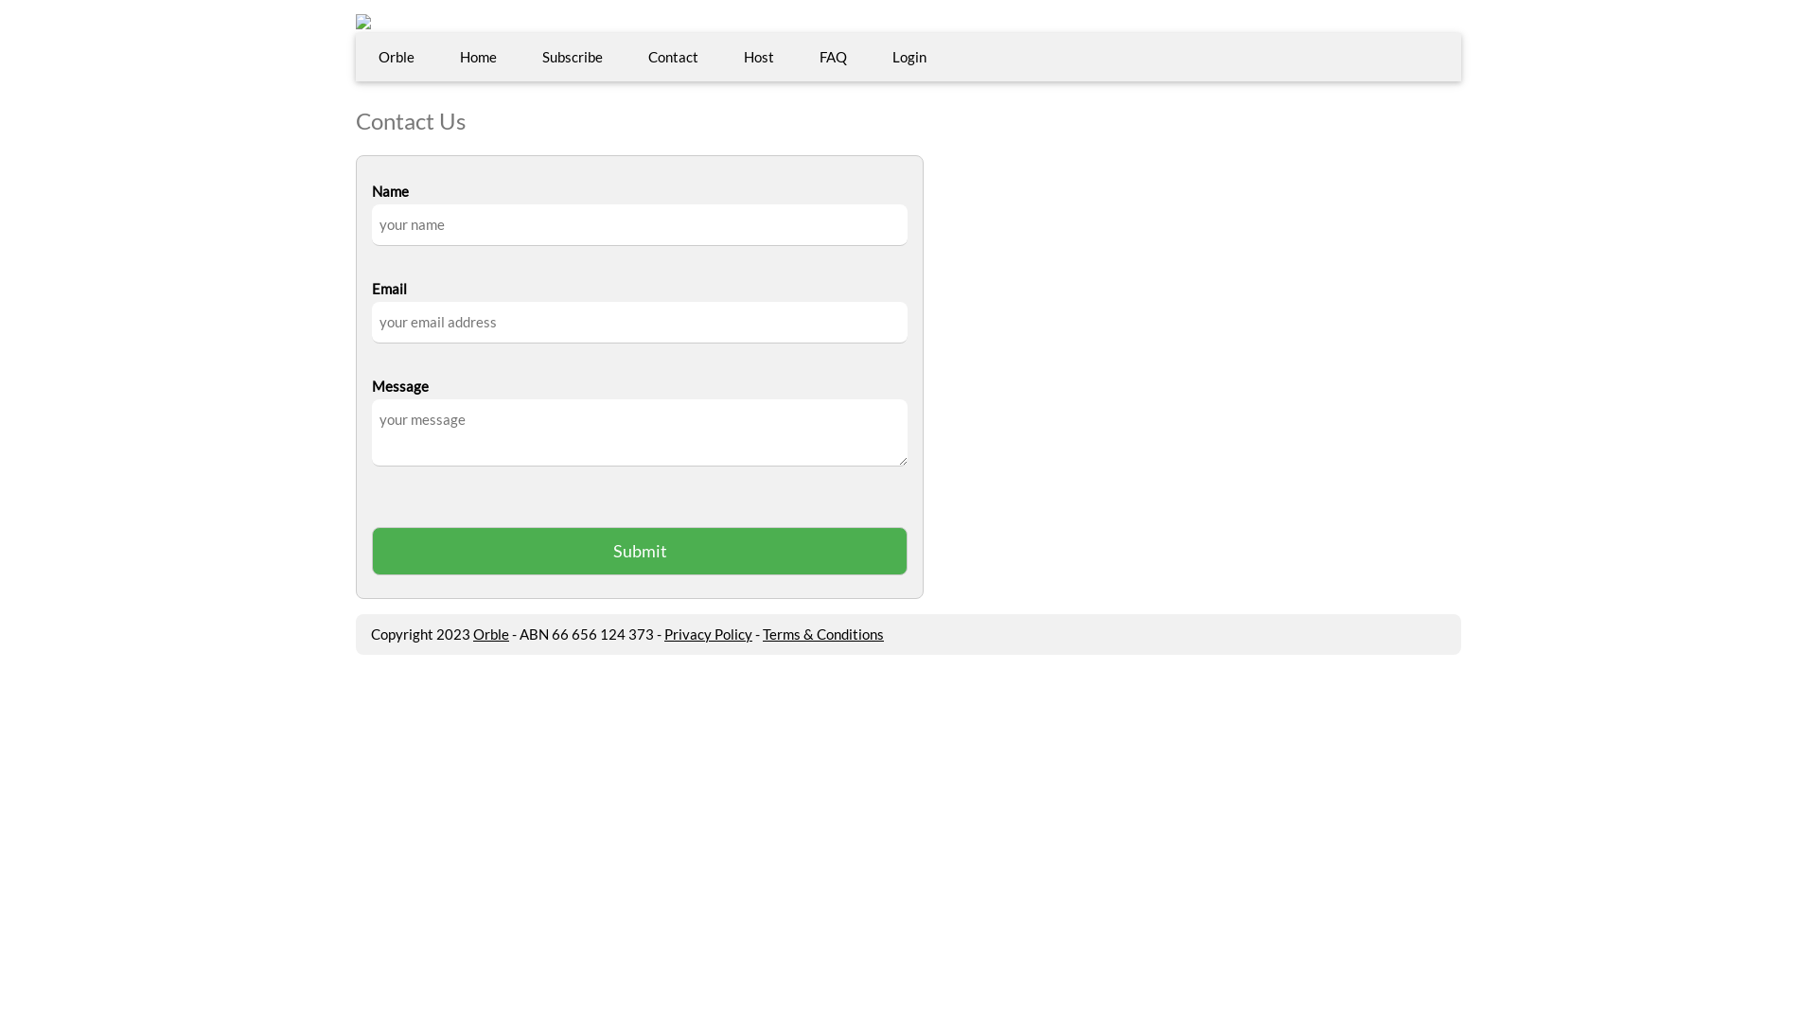 This screenshot has width=1817, height=1022. What do you see at coordinates (673, 56) in the screenshot?
I see `'Contact'` at bounding box center [673, 56].